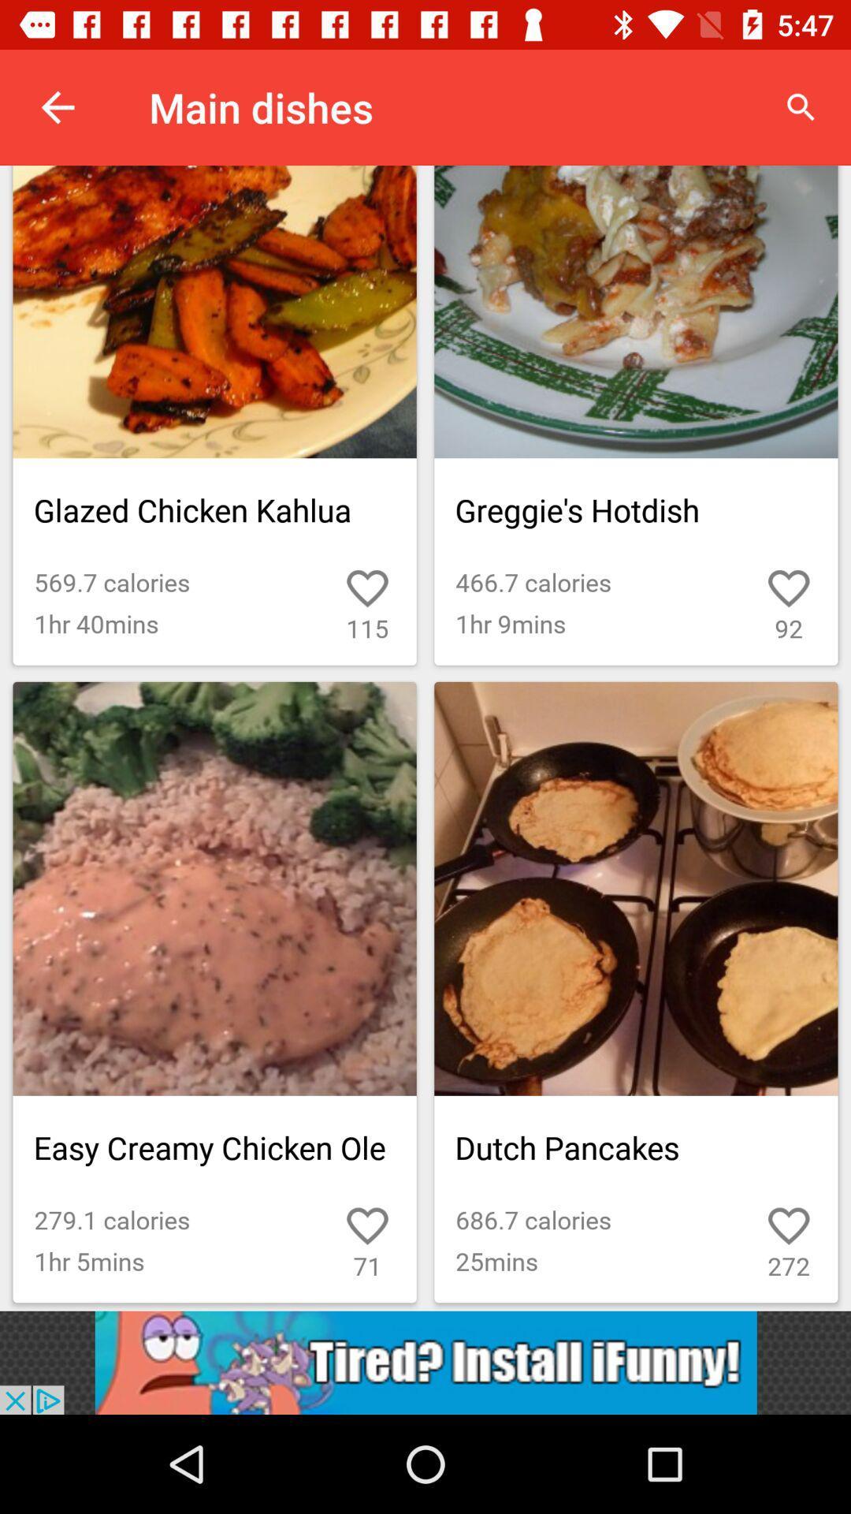 Image resolution: width=851 pixels, height=1514 pixels. I want to click on the image on the bottom right corner of the web page, so click(635, 991).